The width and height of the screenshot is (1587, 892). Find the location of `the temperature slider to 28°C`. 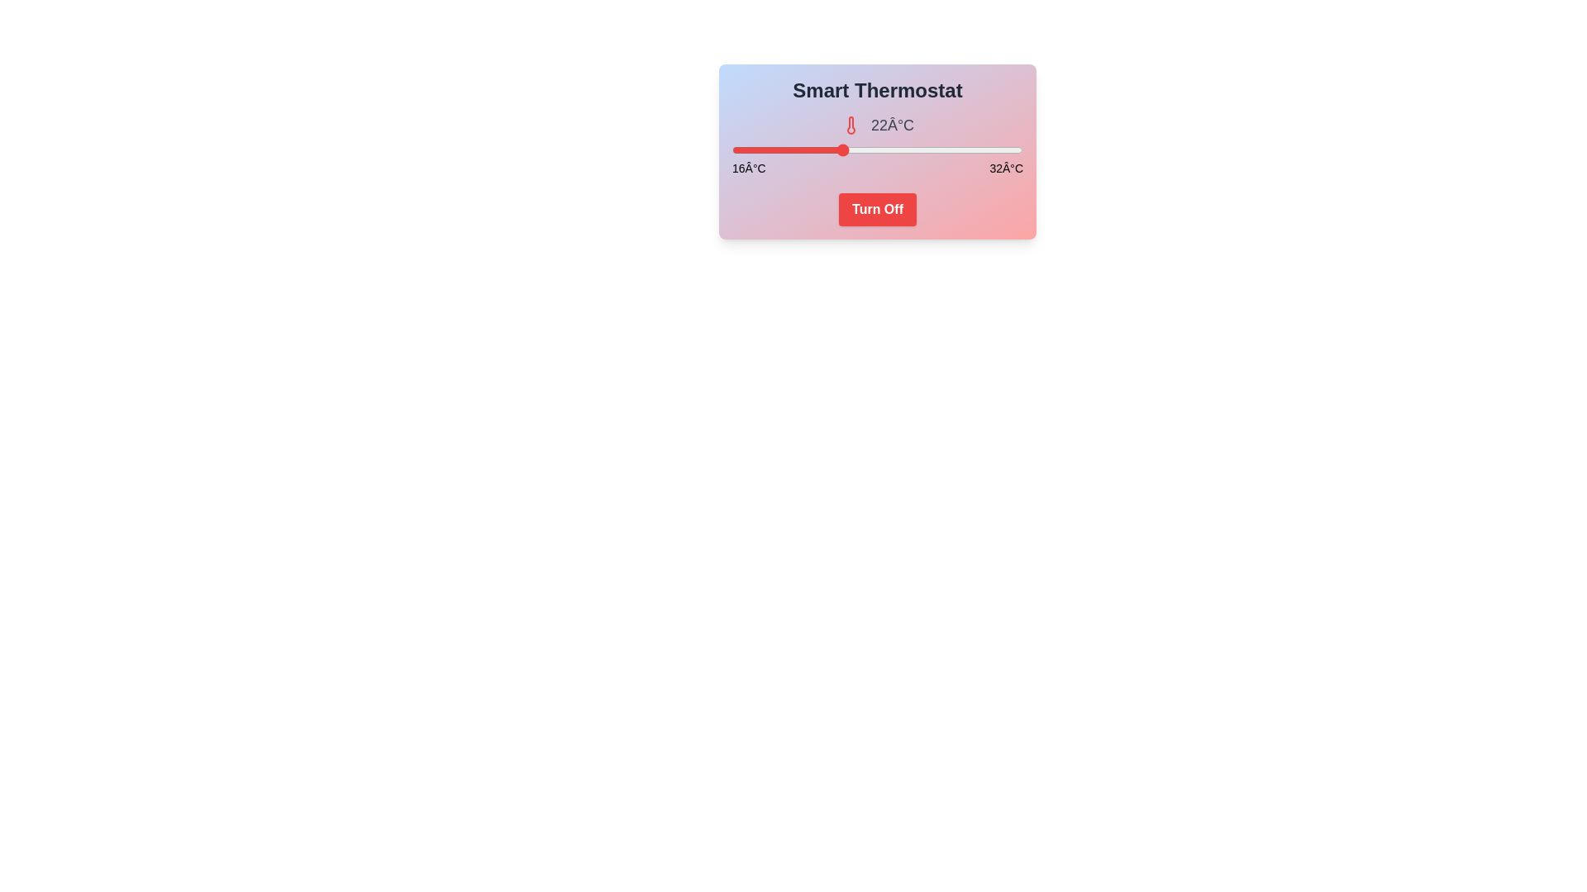

the temperature slider to 28°C is located at coordinates (951, 149).